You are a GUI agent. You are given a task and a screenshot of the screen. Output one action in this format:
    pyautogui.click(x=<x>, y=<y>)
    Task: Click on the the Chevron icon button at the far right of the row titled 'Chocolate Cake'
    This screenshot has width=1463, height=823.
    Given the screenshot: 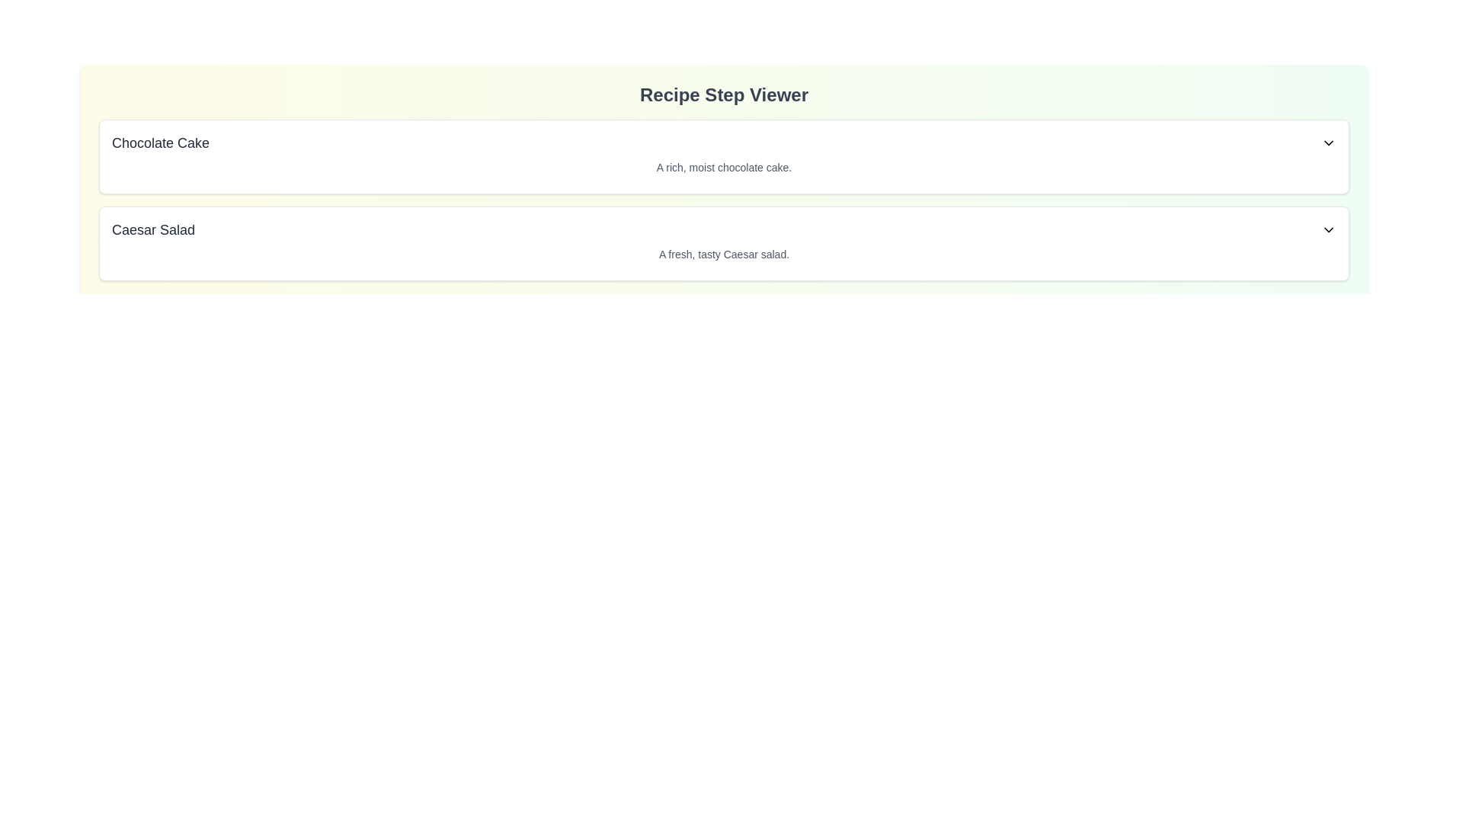 What is the action you would take?
    pyautogui.click(x=1327, y=143)
    